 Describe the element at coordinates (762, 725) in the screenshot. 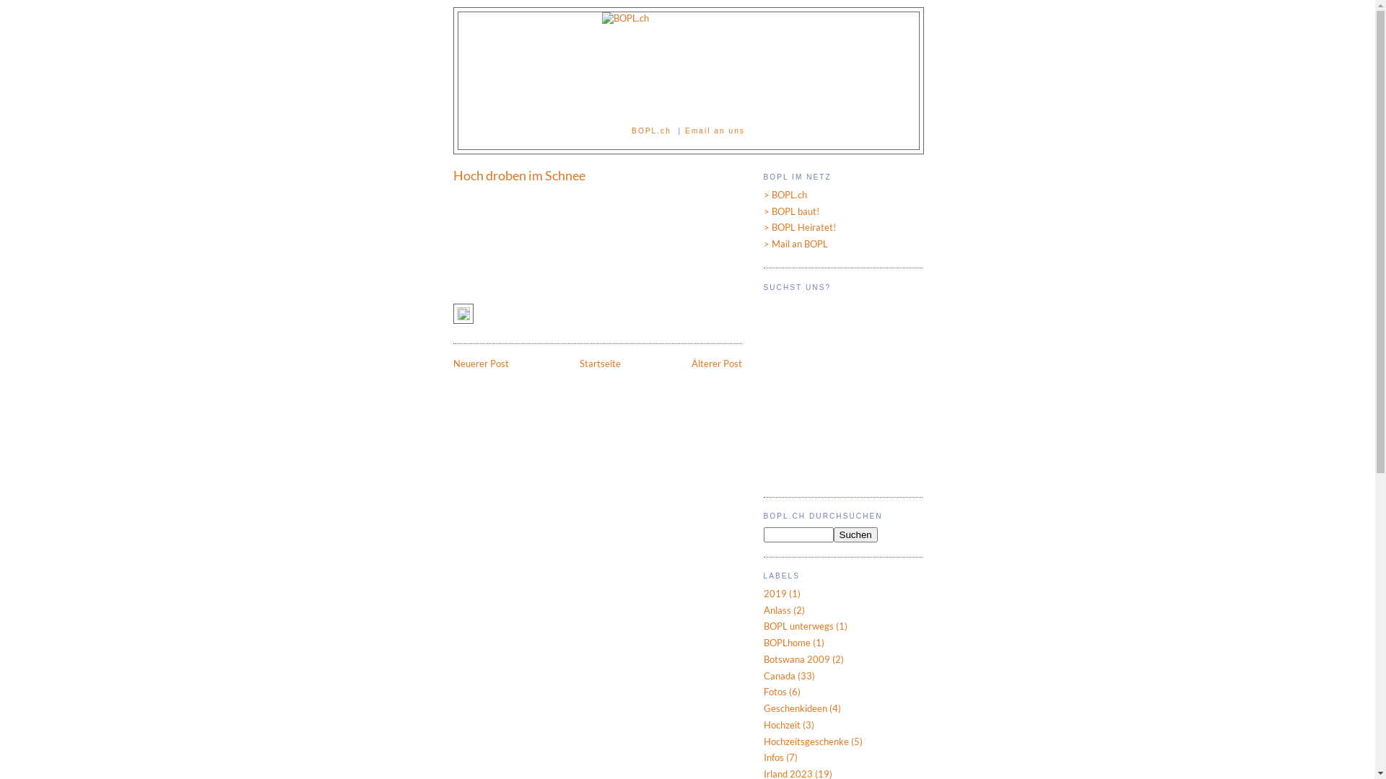

I see `'Hochzeit'` at that location.